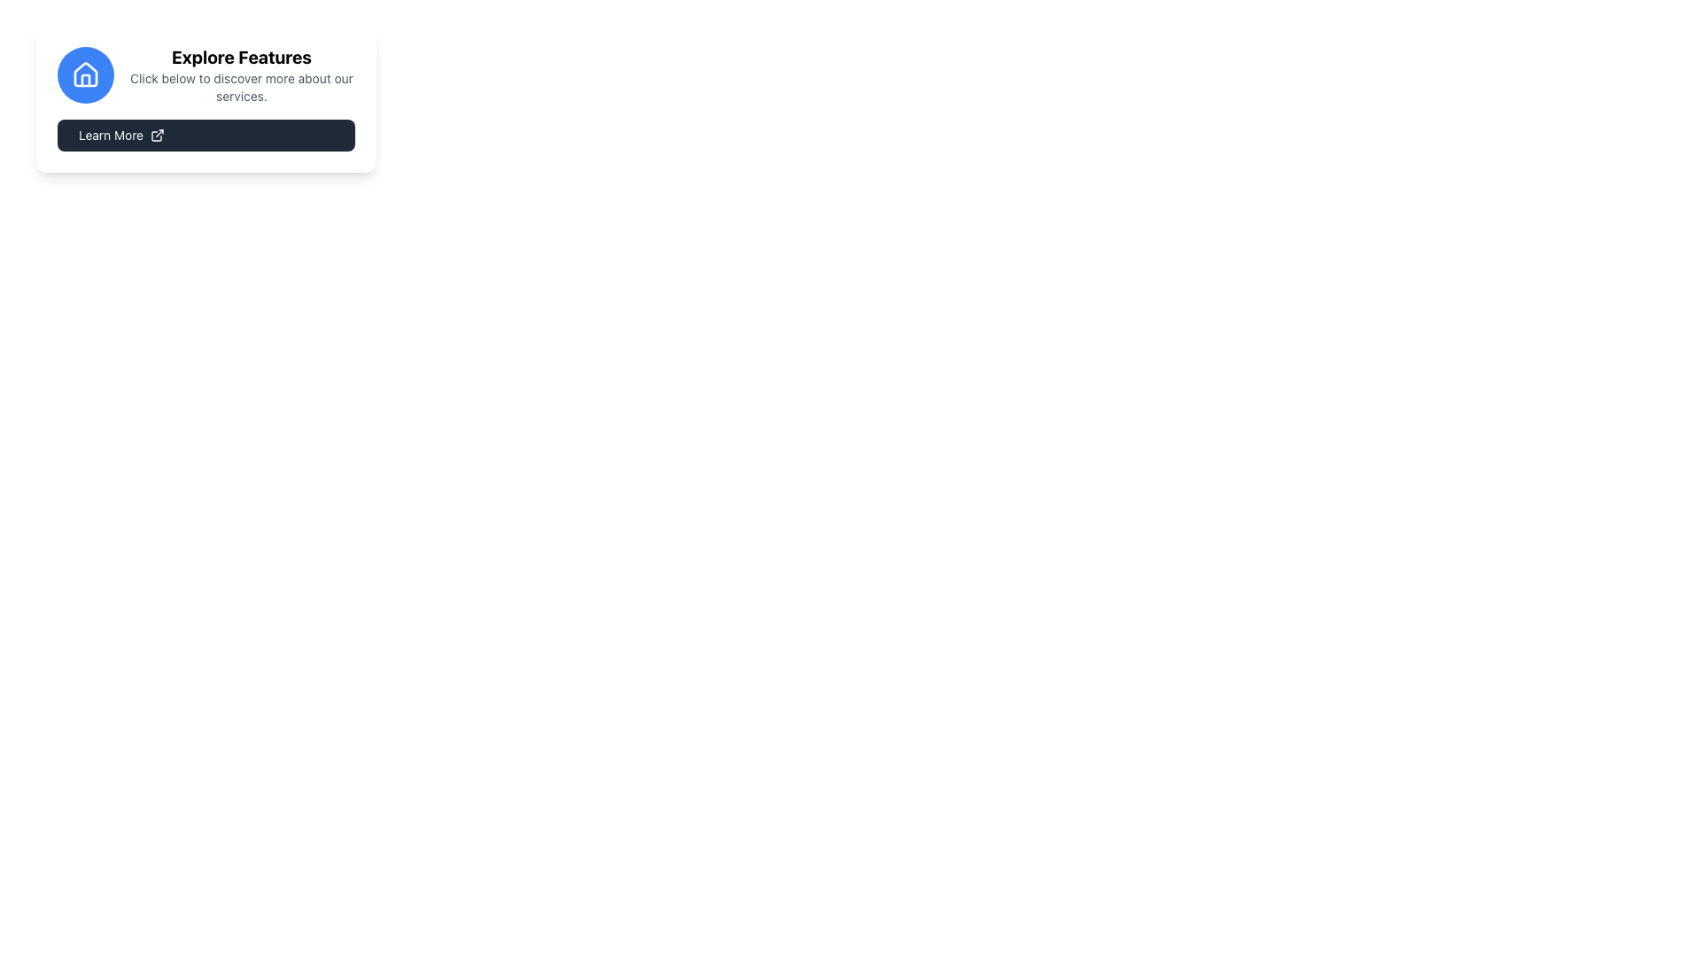 The width and height of the screenshot is (1701, 957). What do you see at coordinates (84, 74) in the screenshot?
I see `the Icon button, which is a visual indicator for home-related features, located leftmost in the section near 'Explore Features'` at bounding box center [84, 74].